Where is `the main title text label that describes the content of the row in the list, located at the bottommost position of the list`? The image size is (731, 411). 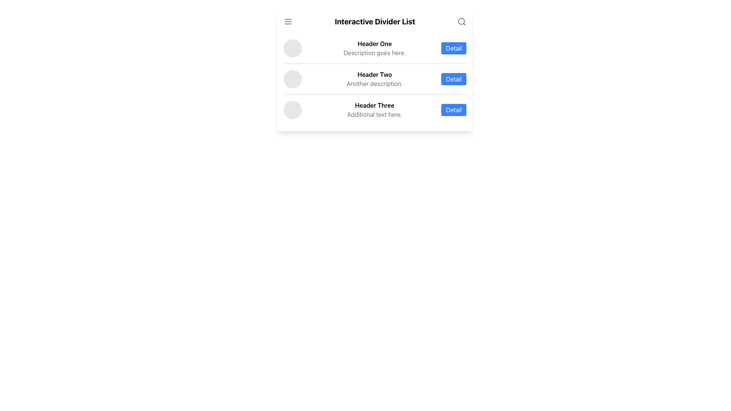
the main title text label that describes the content of the row in the list, located at the bottommost position of the list is located at coordinates (375, 105).